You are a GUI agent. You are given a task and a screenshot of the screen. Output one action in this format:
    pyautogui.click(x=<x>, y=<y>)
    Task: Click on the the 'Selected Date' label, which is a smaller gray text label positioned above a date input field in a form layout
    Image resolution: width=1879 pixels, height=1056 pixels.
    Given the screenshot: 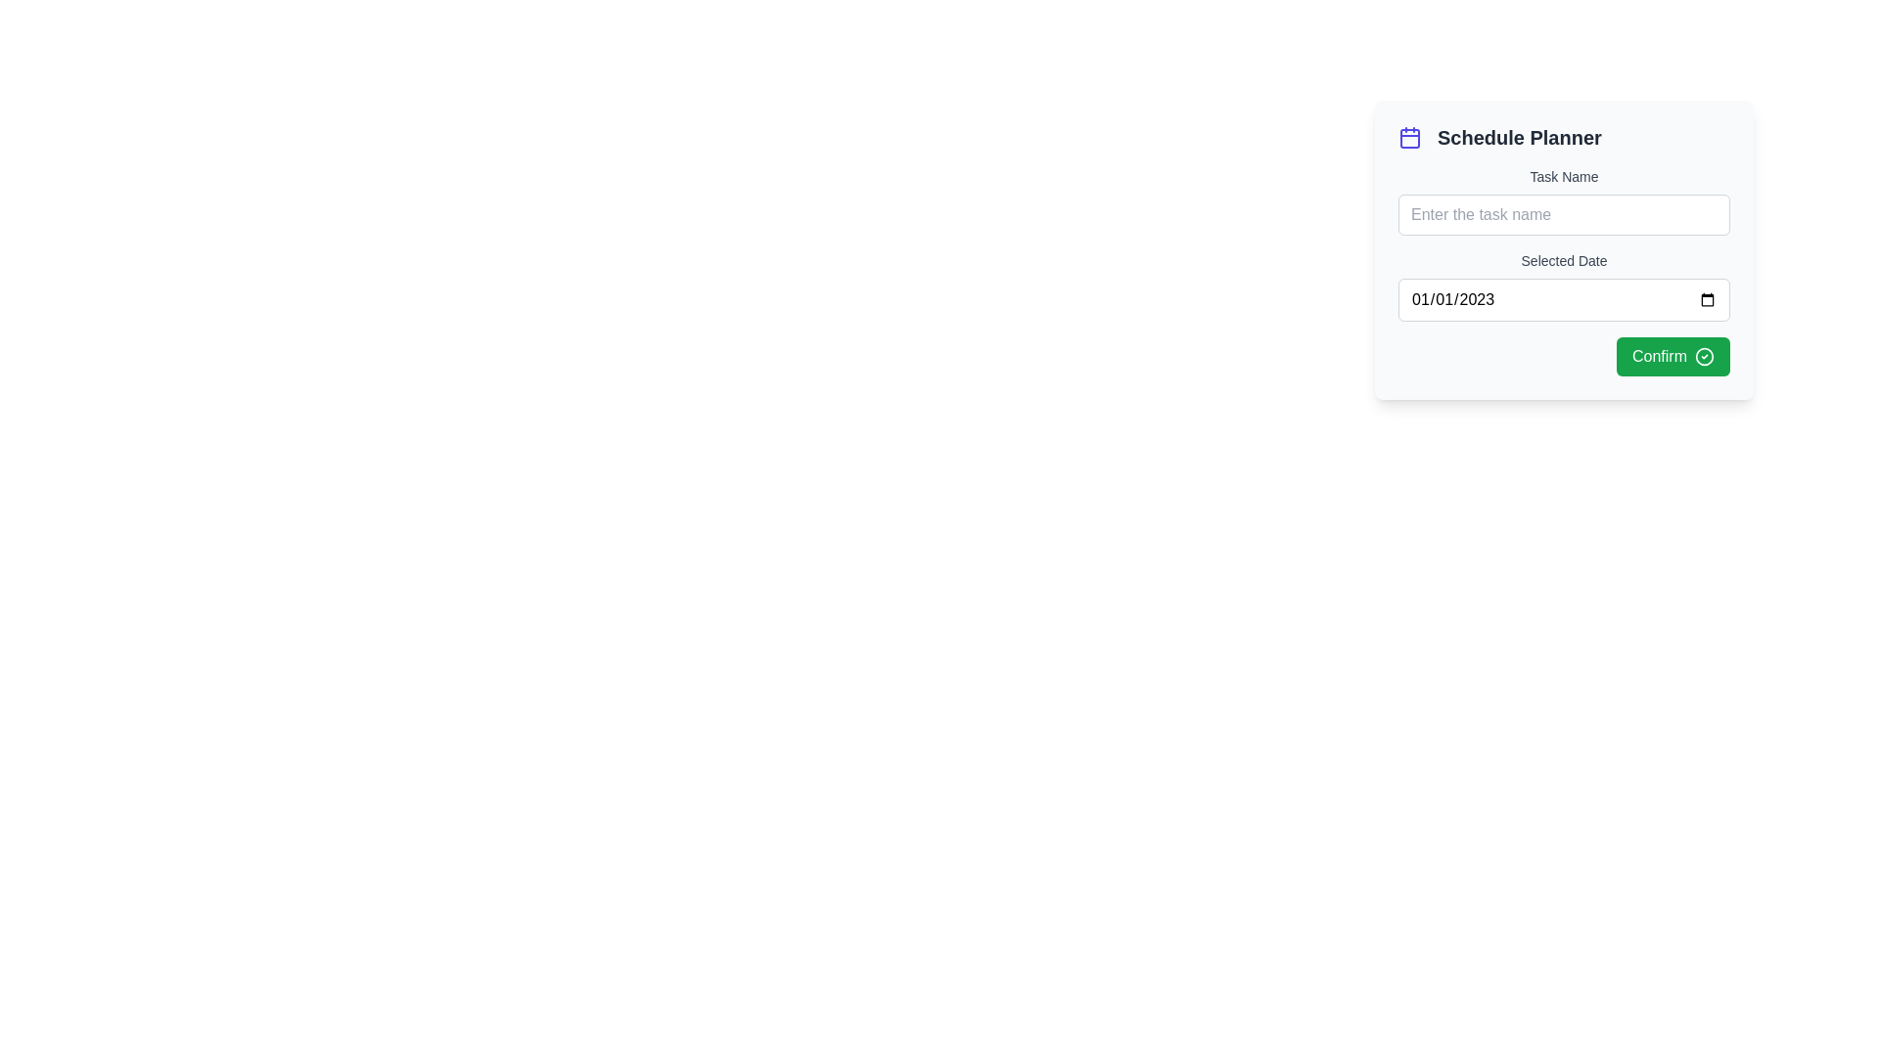 What is the action you would take?
    pyautogui.click(x=1563, y=259)
    